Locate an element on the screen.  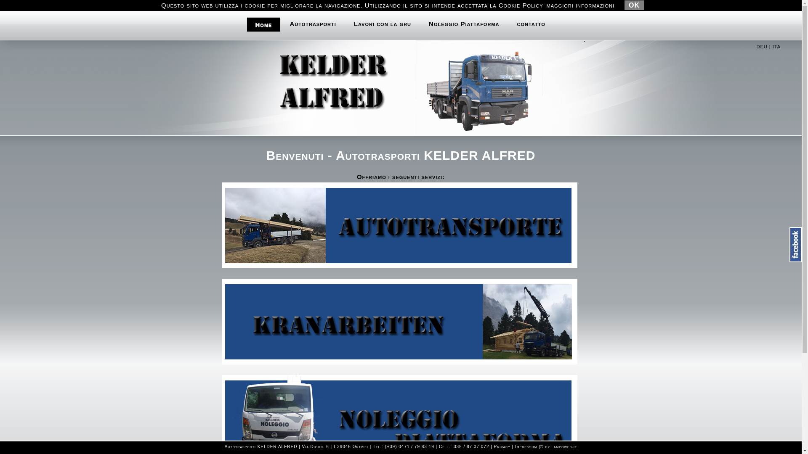
'Home' is located at coordinates (246, 24).